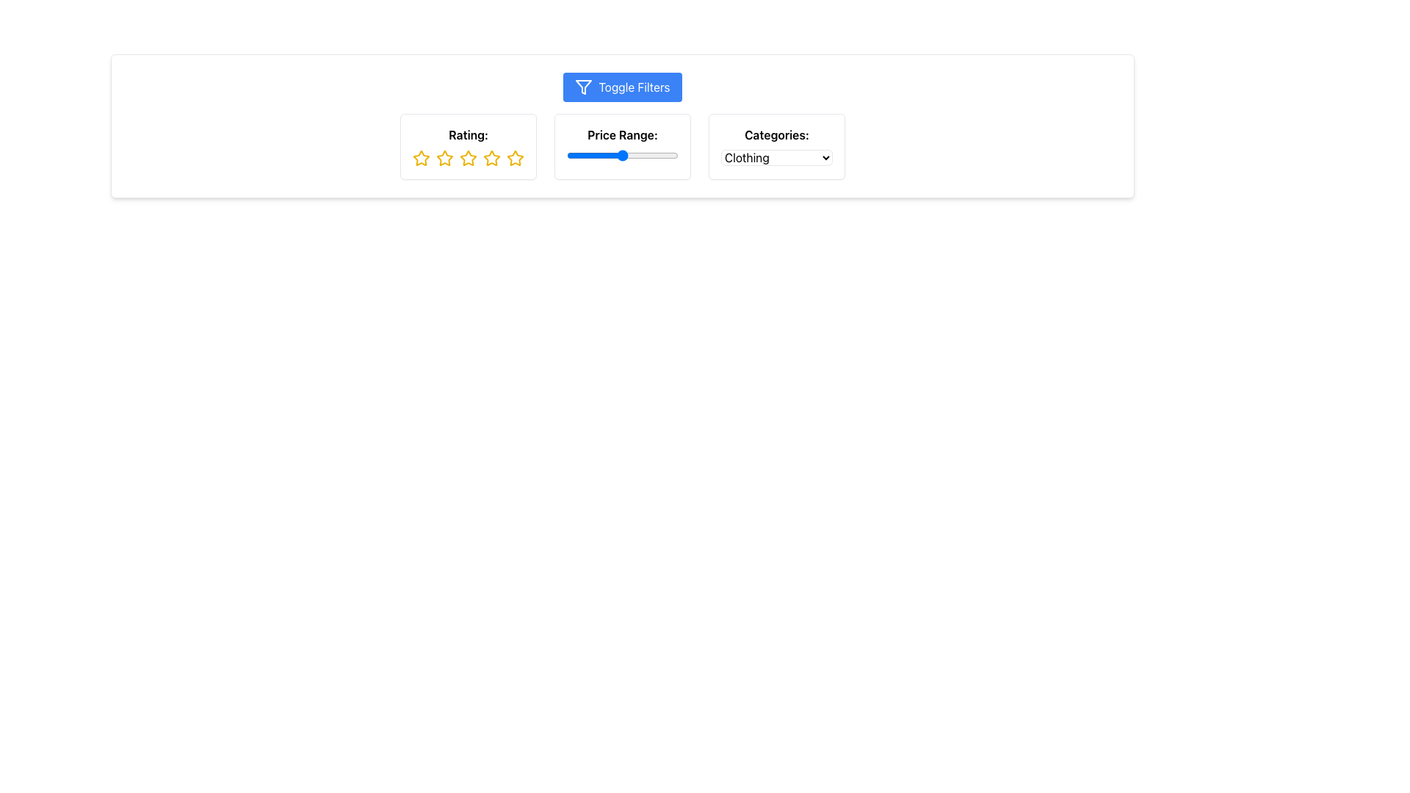 This screenshot has height=793, width=1410. I want to click on the price range slider, so click(650, 156).